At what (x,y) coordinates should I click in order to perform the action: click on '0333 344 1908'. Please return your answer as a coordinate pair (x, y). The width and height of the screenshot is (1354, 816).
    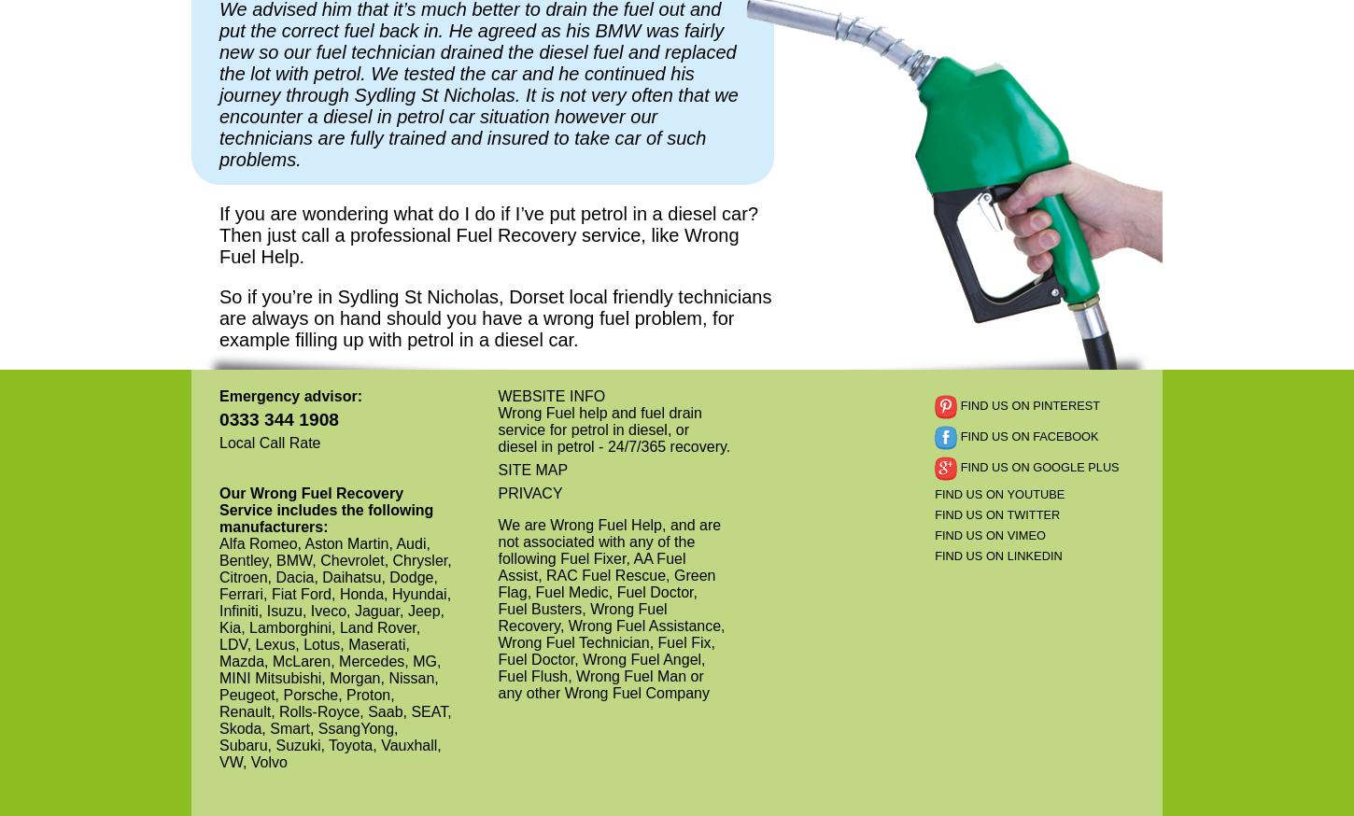
    Looking at the image, I should click on (278, 417).